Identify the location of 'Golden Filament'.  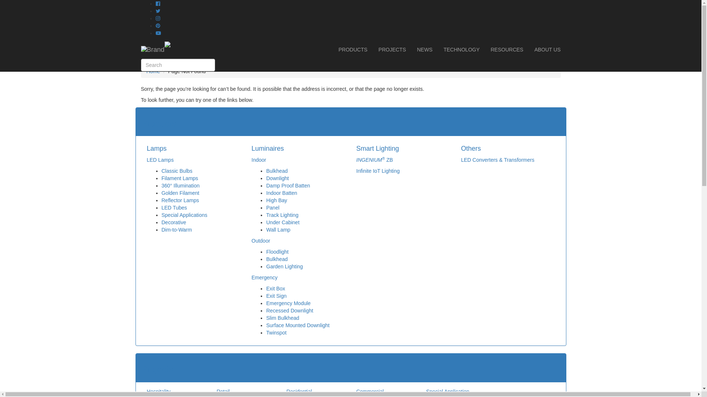
(180, 192).